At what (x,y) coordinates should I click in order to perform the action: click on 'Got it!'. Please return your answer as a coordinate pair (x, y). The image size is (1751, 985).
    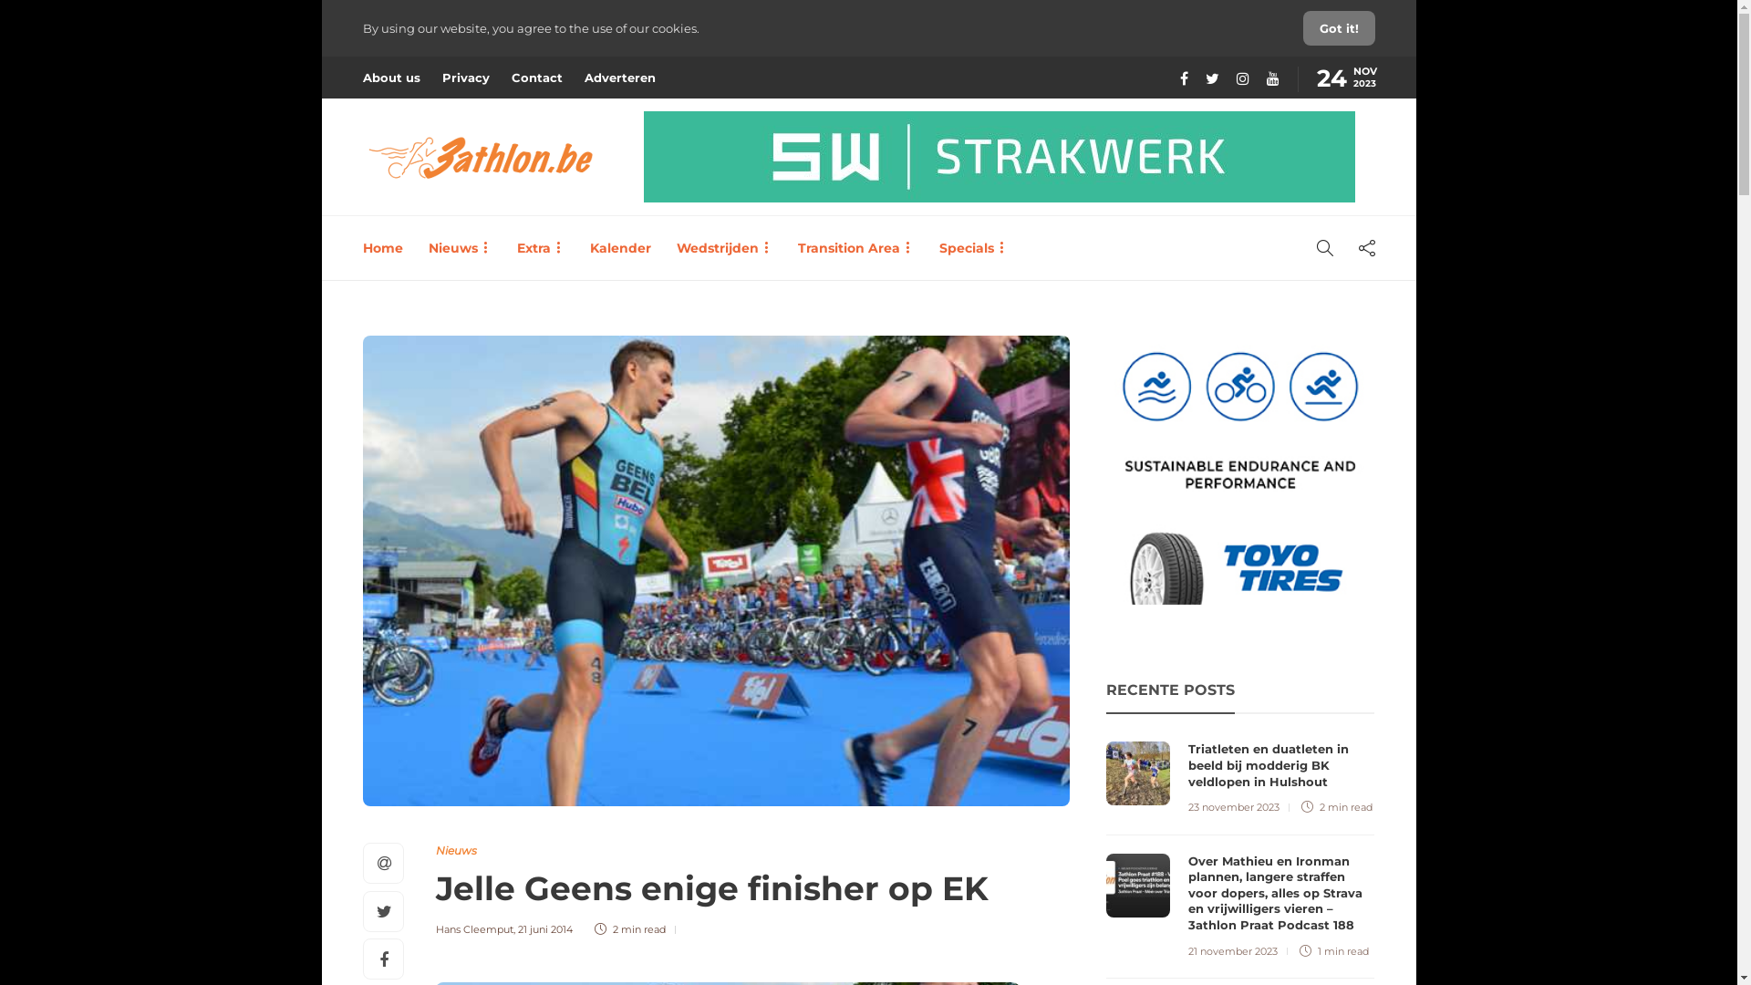
    Looking at the image, I should click on (1338, 27).